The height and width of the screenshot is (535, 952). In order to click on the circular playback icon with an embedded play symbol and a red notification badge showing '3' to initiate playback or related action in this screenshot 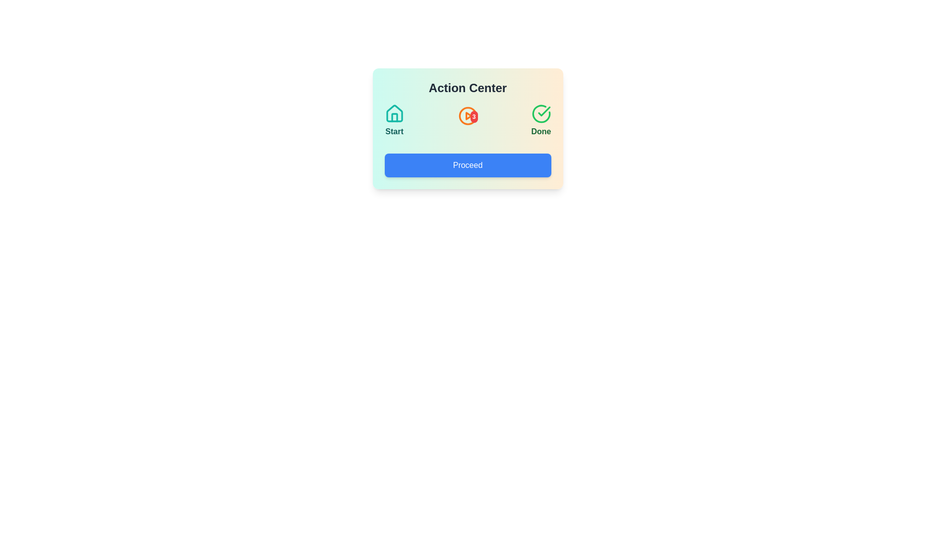, I will do `click(467, 118)`.